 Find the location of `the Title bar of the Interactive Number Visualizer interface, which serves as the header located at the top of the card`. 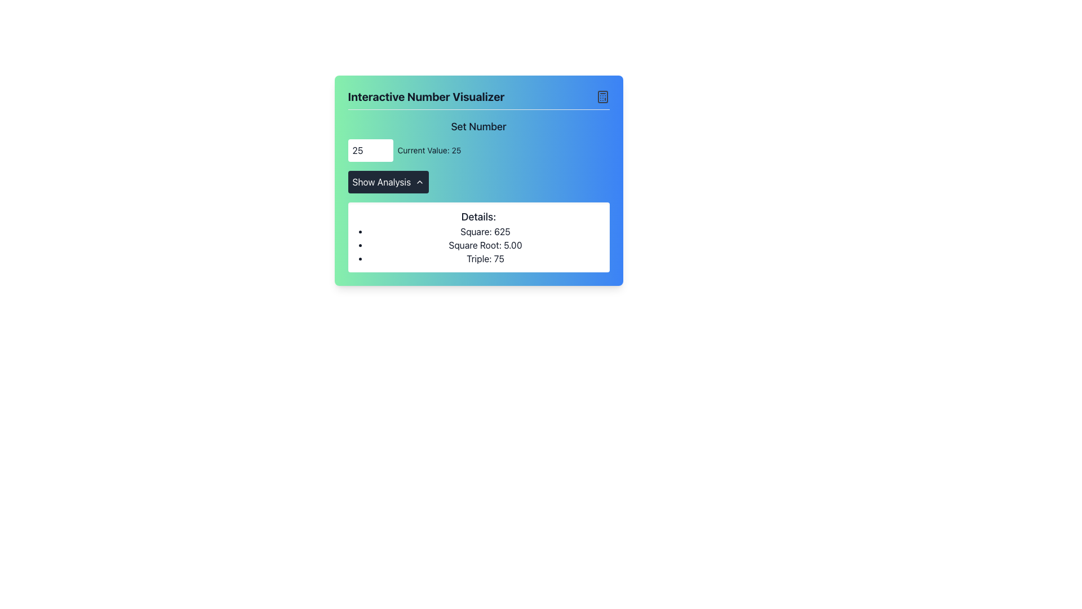

the Title bar of the Interactive Number Visualizer interface, which serves as the header located at the top of the card is located at coordinates (478, 99).